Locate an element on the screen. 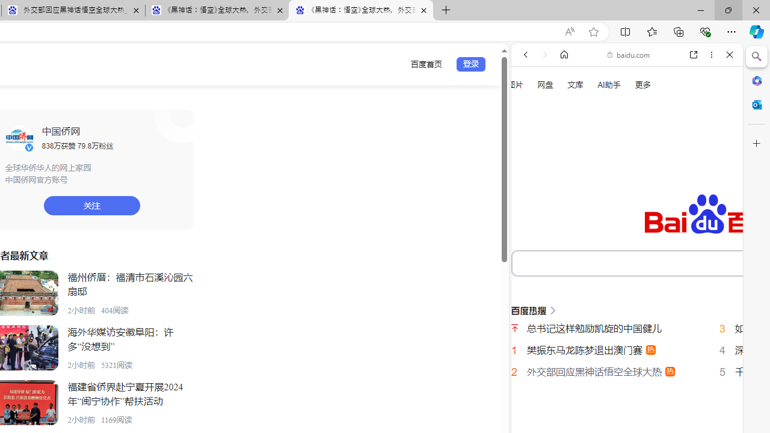 The width and height of the screenshot is (770, 433). 'Search Filter, VIDEOS' is located at coordinates (605, 203).